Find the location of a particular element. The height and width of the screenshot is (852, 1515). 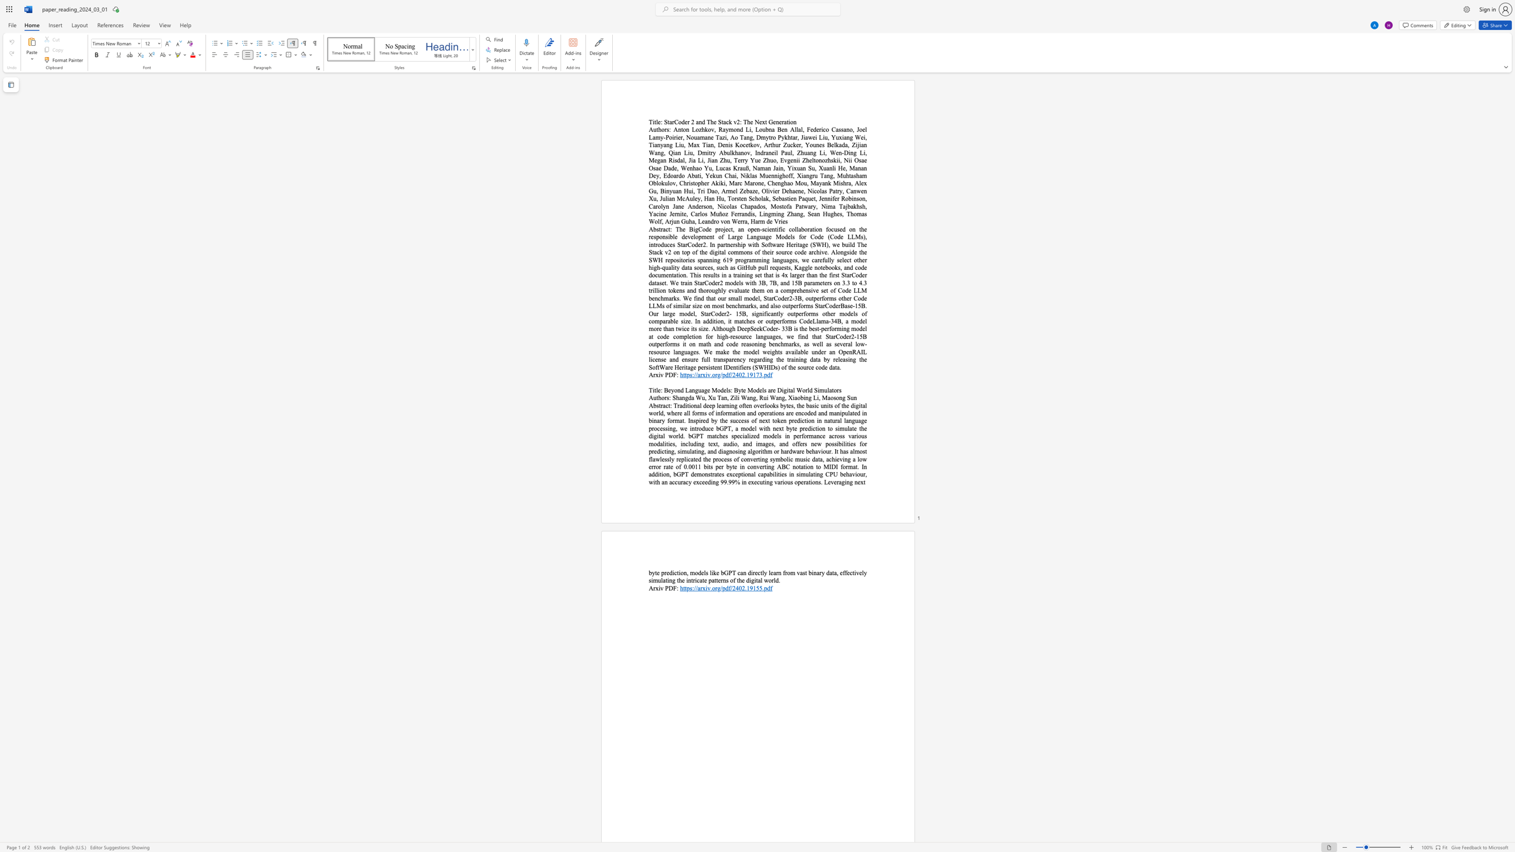

the subset text "g Li," within the text "Xiaobing Li," is located at coordinates (807, 397).